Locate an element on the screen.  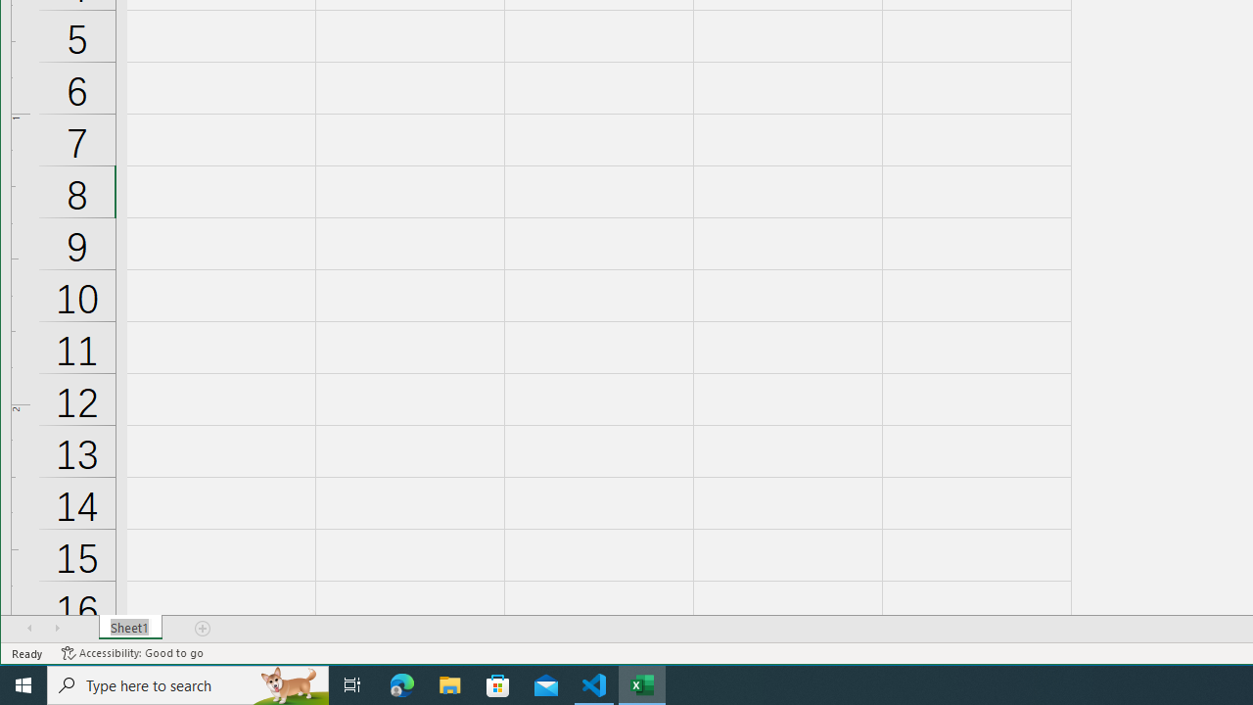
'Search highlights icon opens search home window' is located at coordinates (288, 683).